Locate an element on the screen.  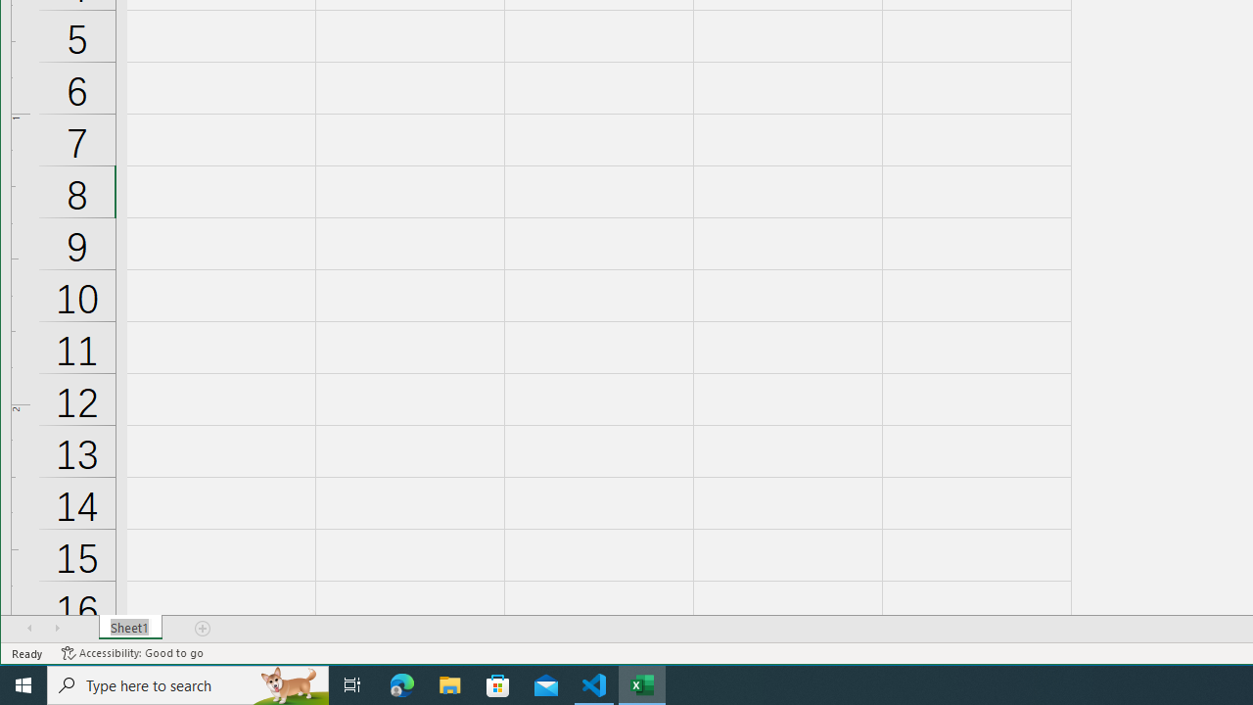
'Search highlights icon opens search home window' is located at coordinates (288, 683).